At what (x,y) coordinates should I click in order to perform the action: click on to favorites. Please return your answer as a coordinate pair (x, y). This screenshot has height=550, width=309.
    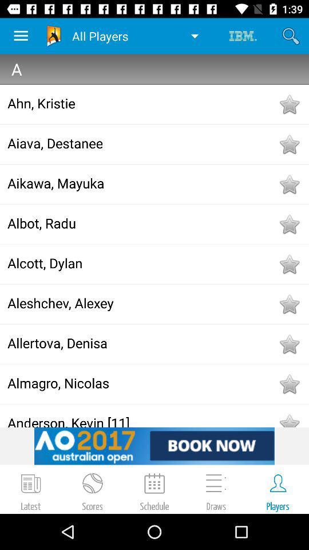
    Looking at the image, I should click on (288, 303).